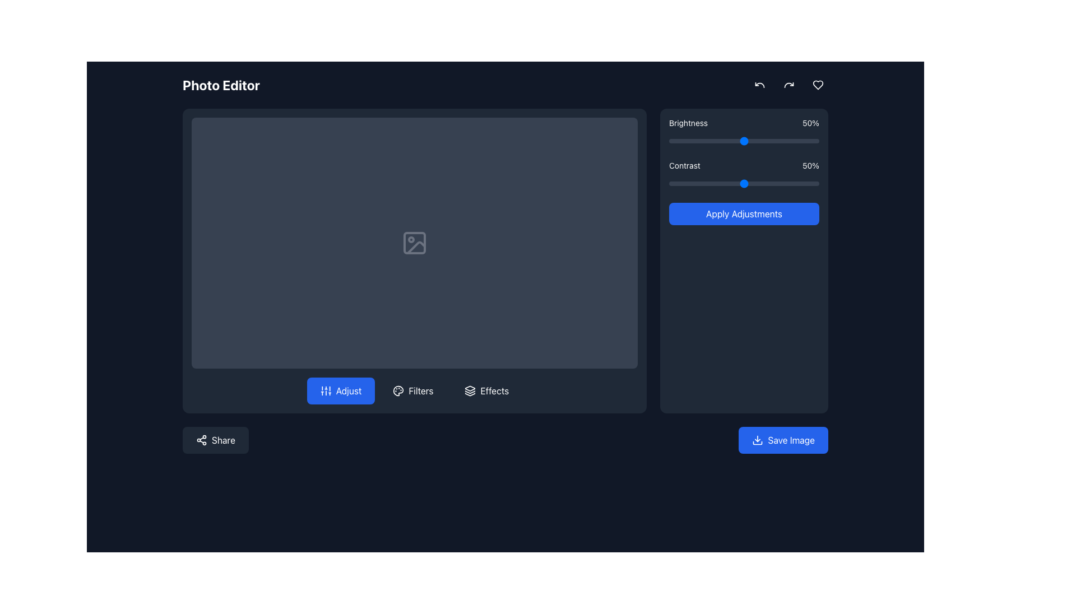 The image size is (1076, 605). Describe the element at coordinates (494, 390) in the screenshot. I see `the 'Effects' button in the navigation bar at the bottom of the interface` at that location.